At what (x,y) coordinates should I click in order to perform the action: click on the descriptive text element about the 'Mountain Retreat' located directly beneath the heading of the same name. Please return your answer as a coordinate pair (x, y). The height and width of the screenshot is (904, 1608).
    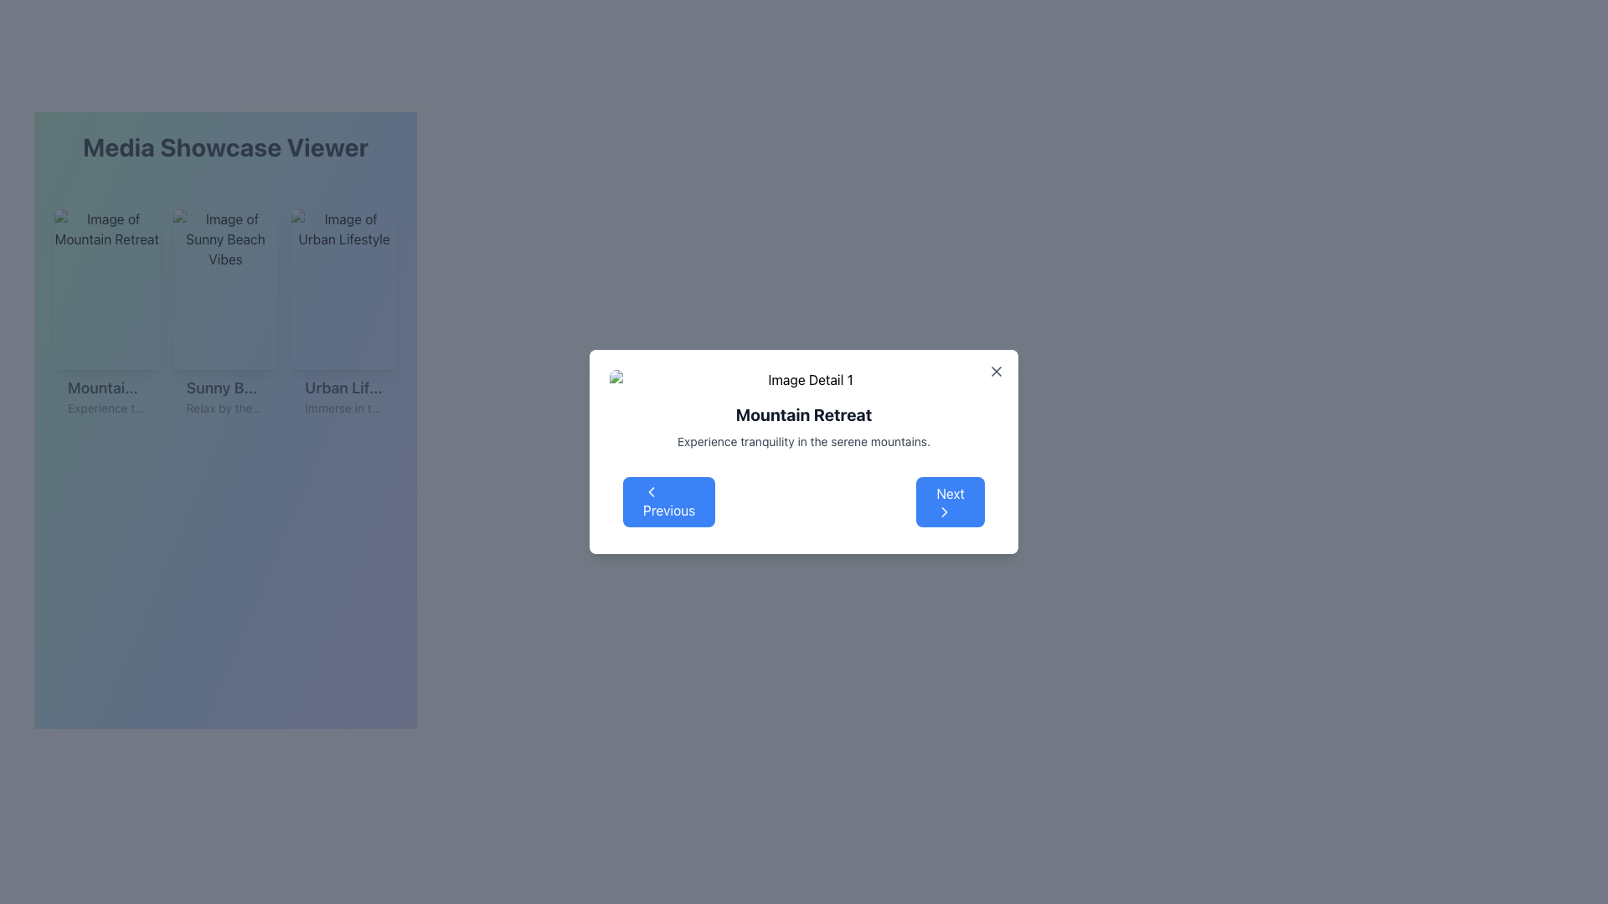
    Looking at the image, I should click on (804, 441).